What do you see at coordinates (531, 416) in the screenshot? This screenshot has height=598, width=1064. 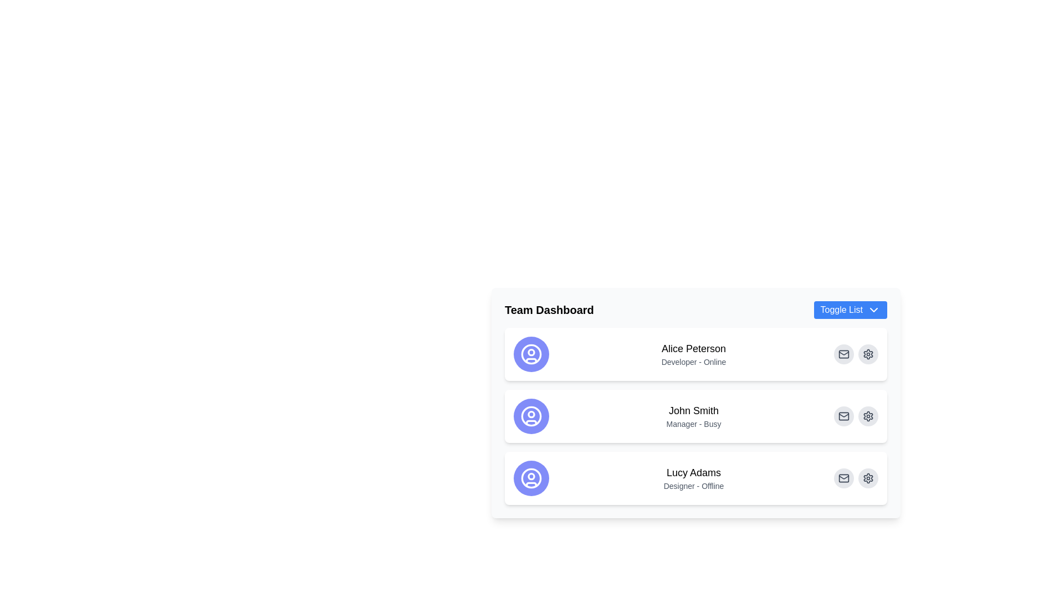 I see `the circular Profile Icon with a user silhouette on a light purple background, located in the team members column under 'Team Dashboard'` at bounding box center [531, 416].